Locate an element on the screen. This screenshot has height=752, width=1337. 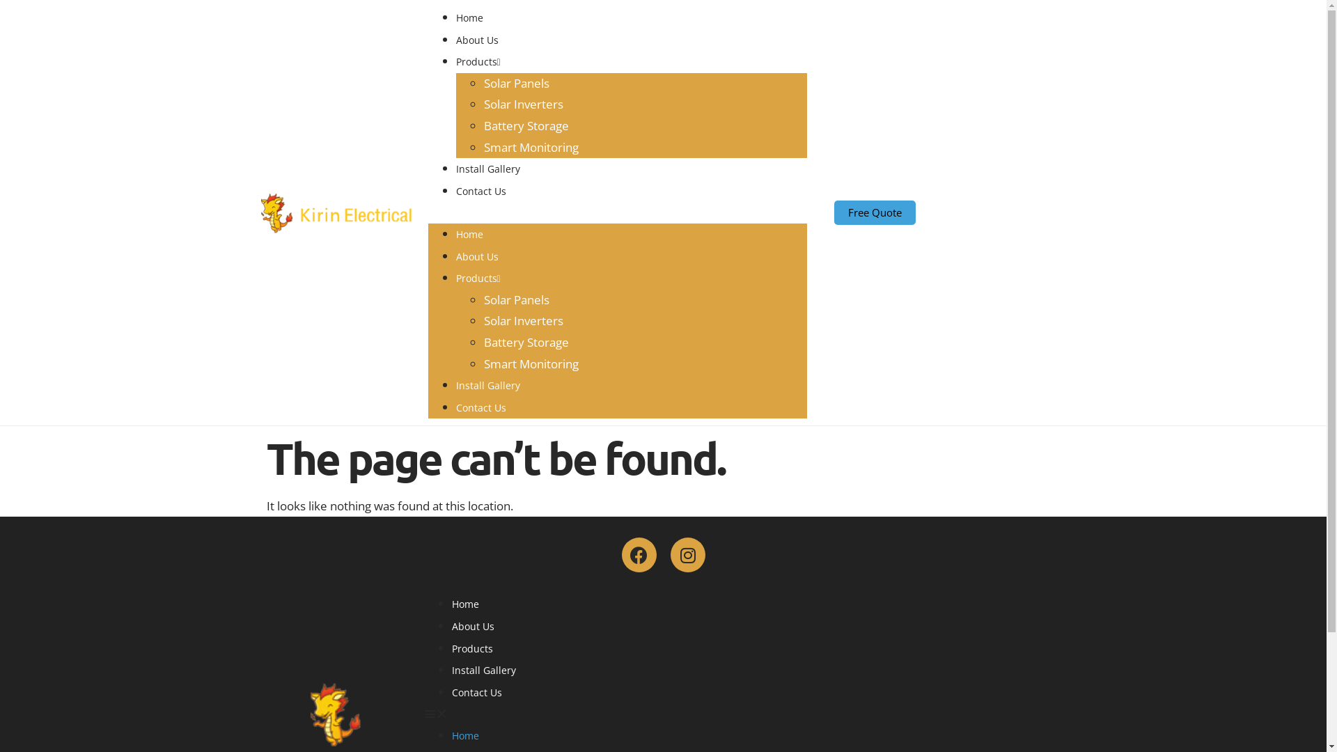
'Solar Panels' is located at coordinates (515, 83).